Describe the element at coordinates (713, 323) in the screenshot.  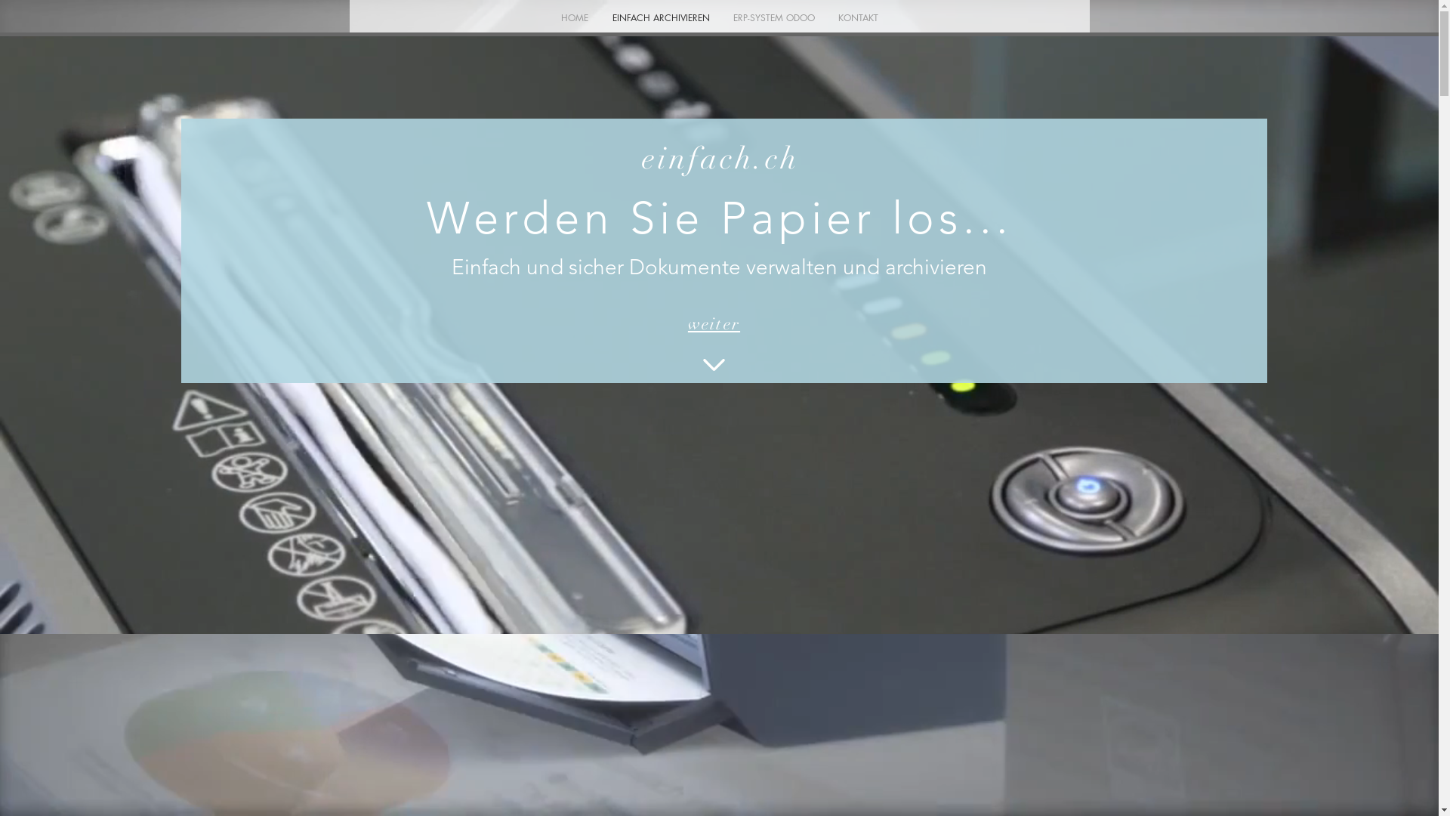
I see `'weiter'` at that location.